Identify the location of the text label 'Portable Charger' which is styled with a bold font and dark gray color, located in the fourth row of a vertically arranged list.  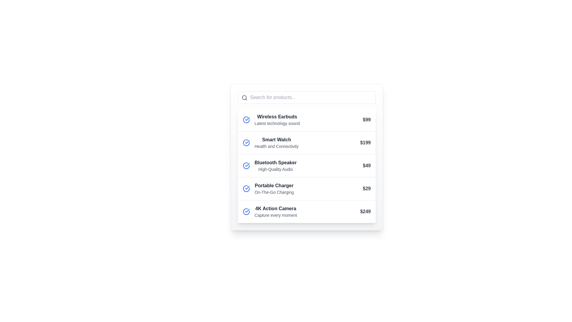
(274, 185).